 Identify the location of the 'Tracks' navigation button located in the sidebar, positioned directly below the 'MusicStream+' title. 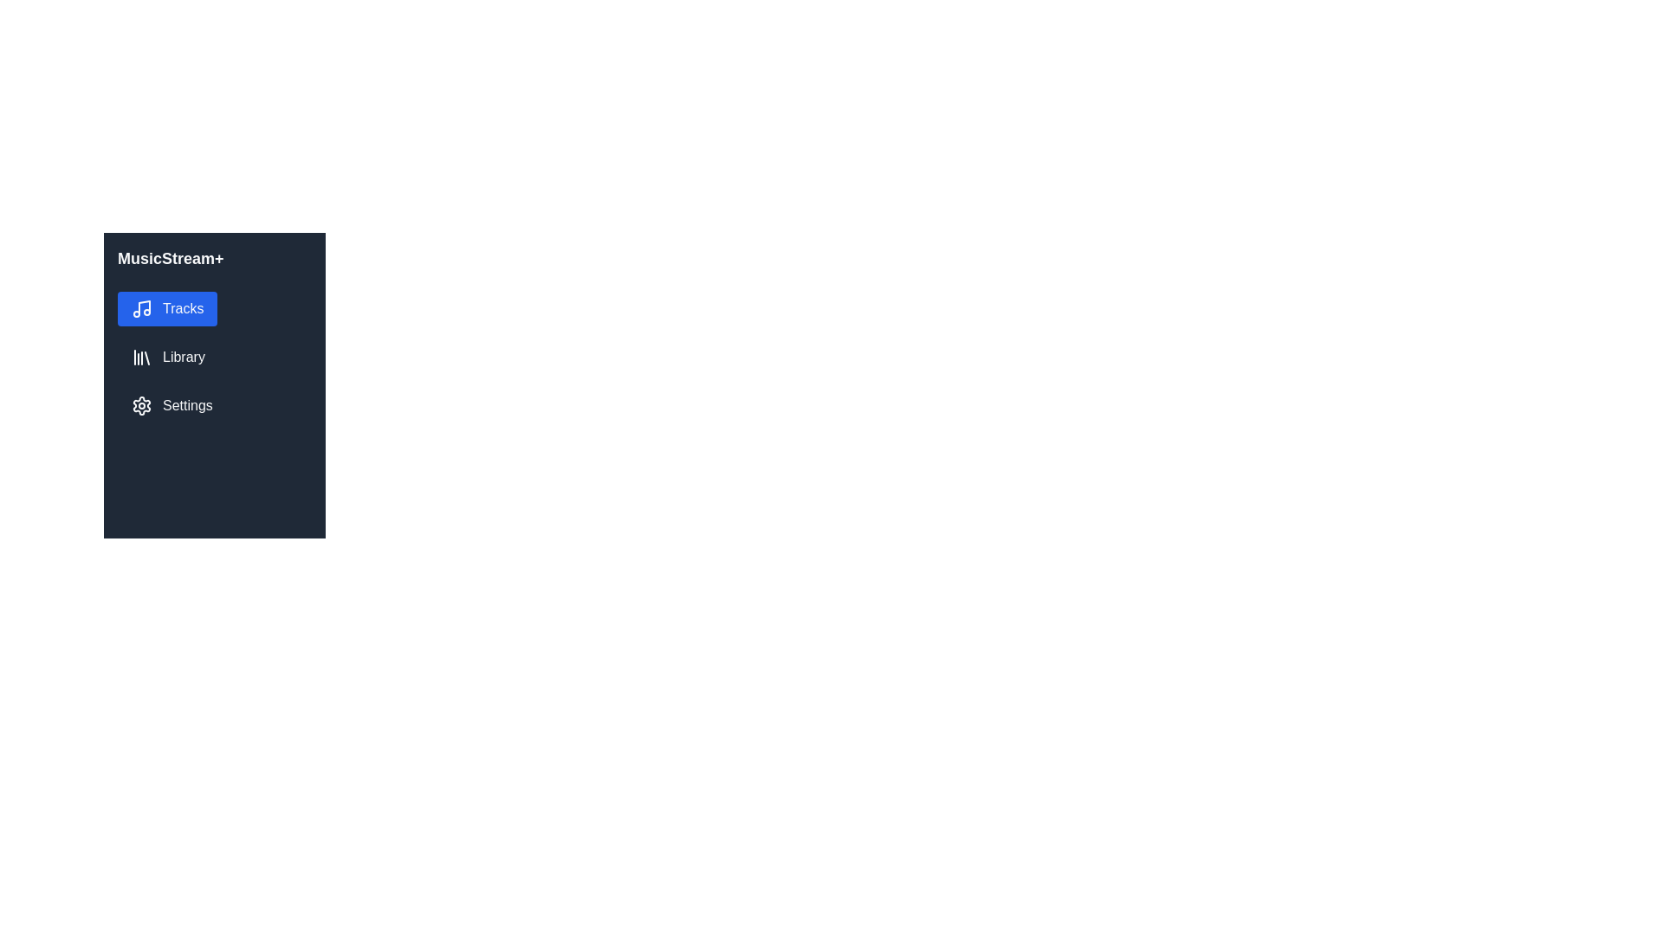
(167, 308).